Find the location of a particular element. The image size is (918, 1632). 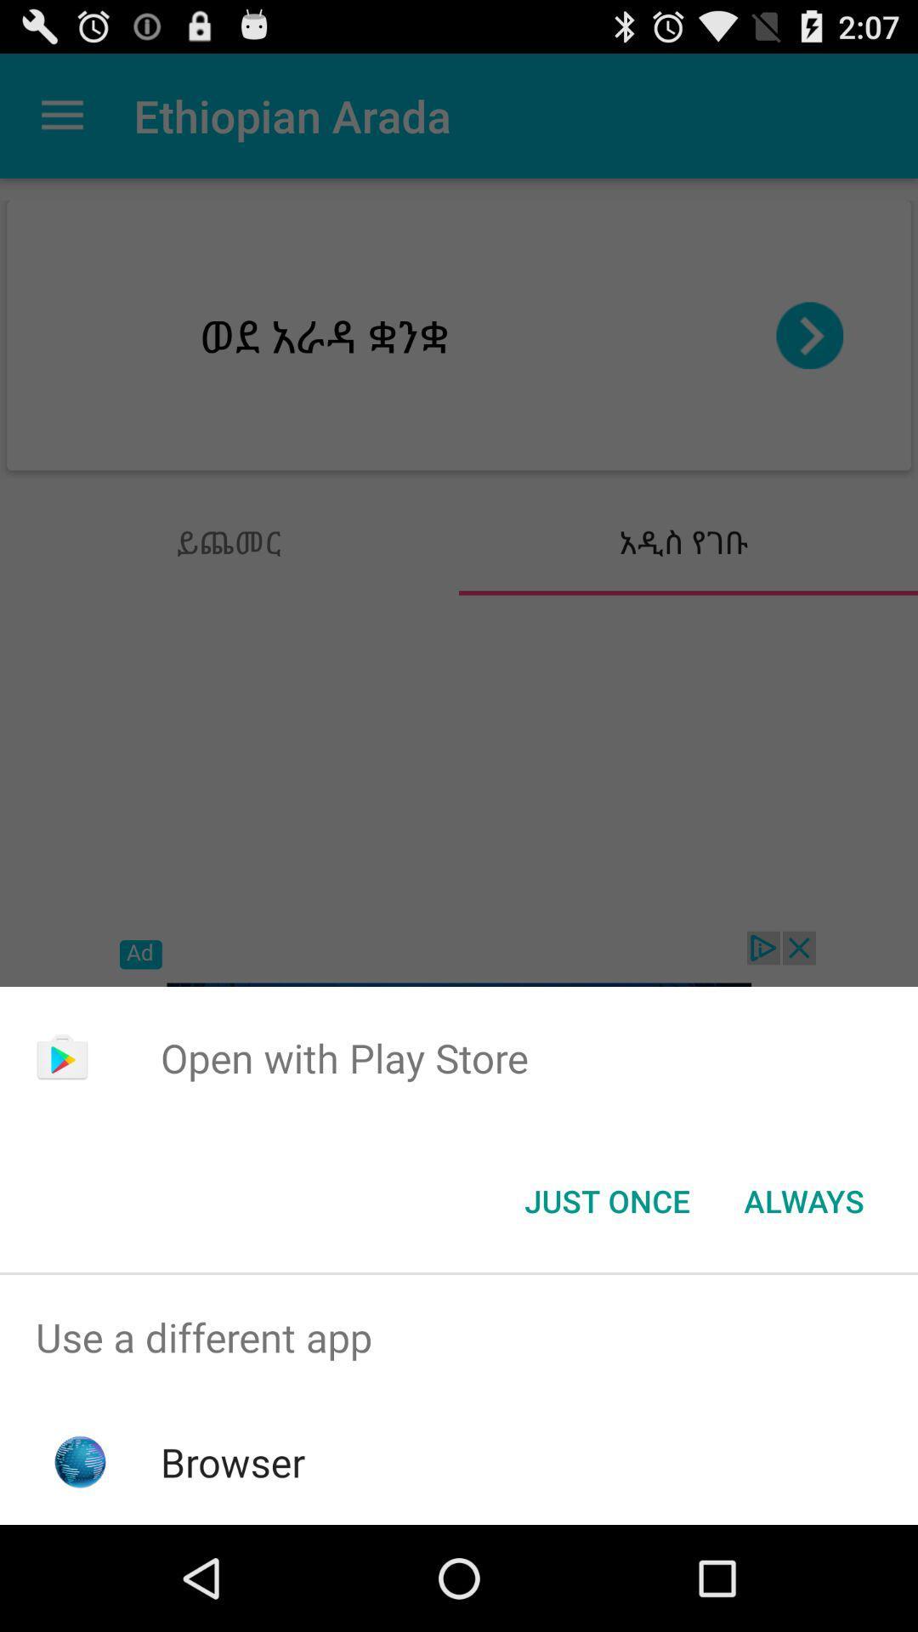

always item is located at coordinates (803, 1199).